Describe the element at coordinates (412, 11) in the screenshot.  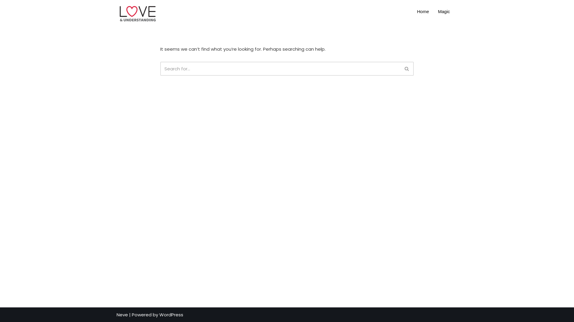
I see `'Home'` at that location.